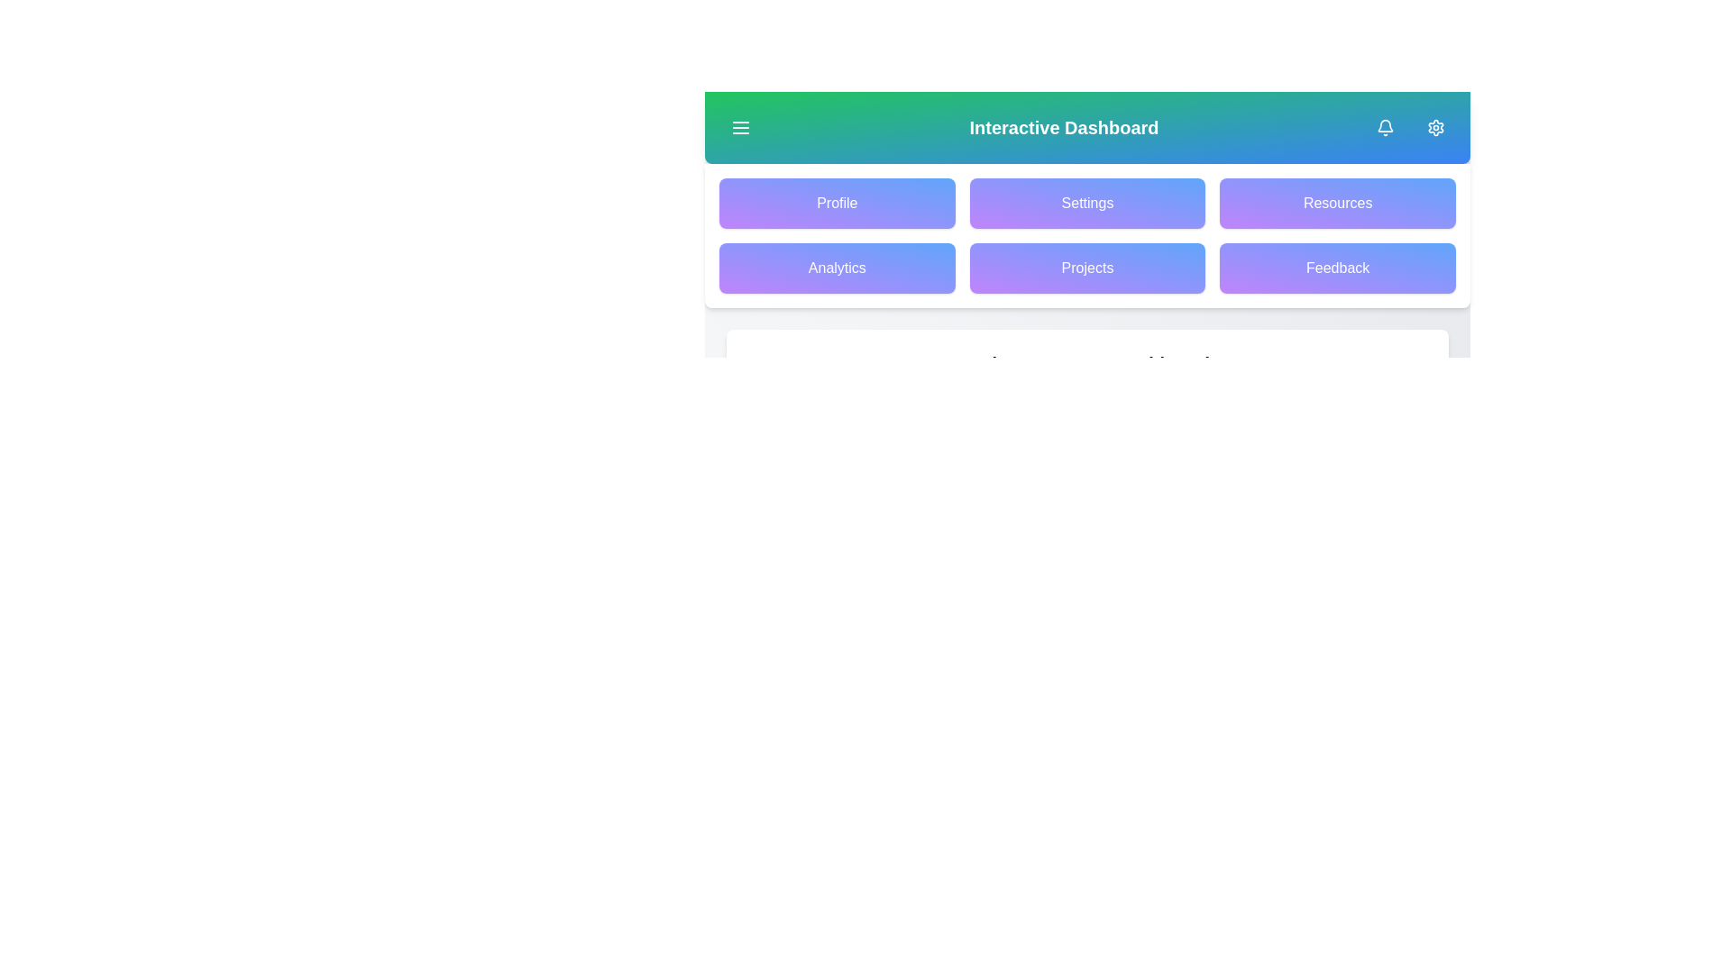 The width and height of the screenshot is (1731, 973). I want to click on the Projects button in the grid, so click(1086, 268).